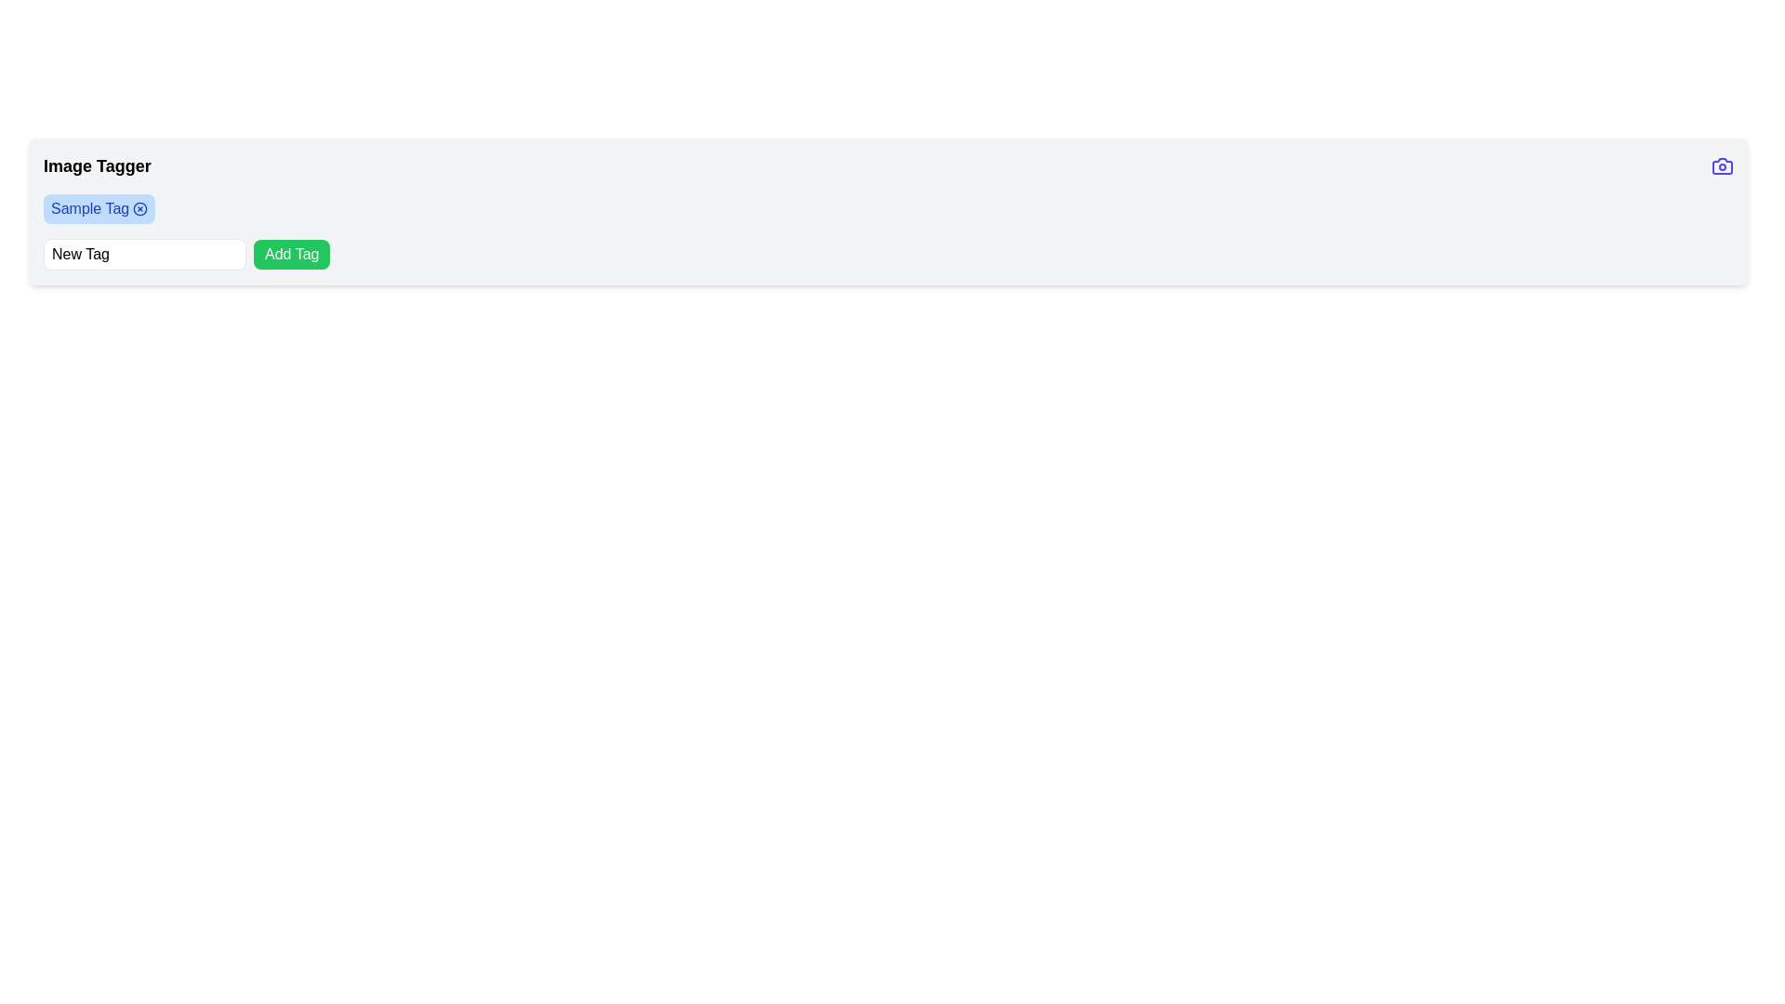 Image resolution: width=1785 pixels, height=1004 pixels. I want to click on the green button with rounded corners labeled 'Add Tag', so click(291, 254).